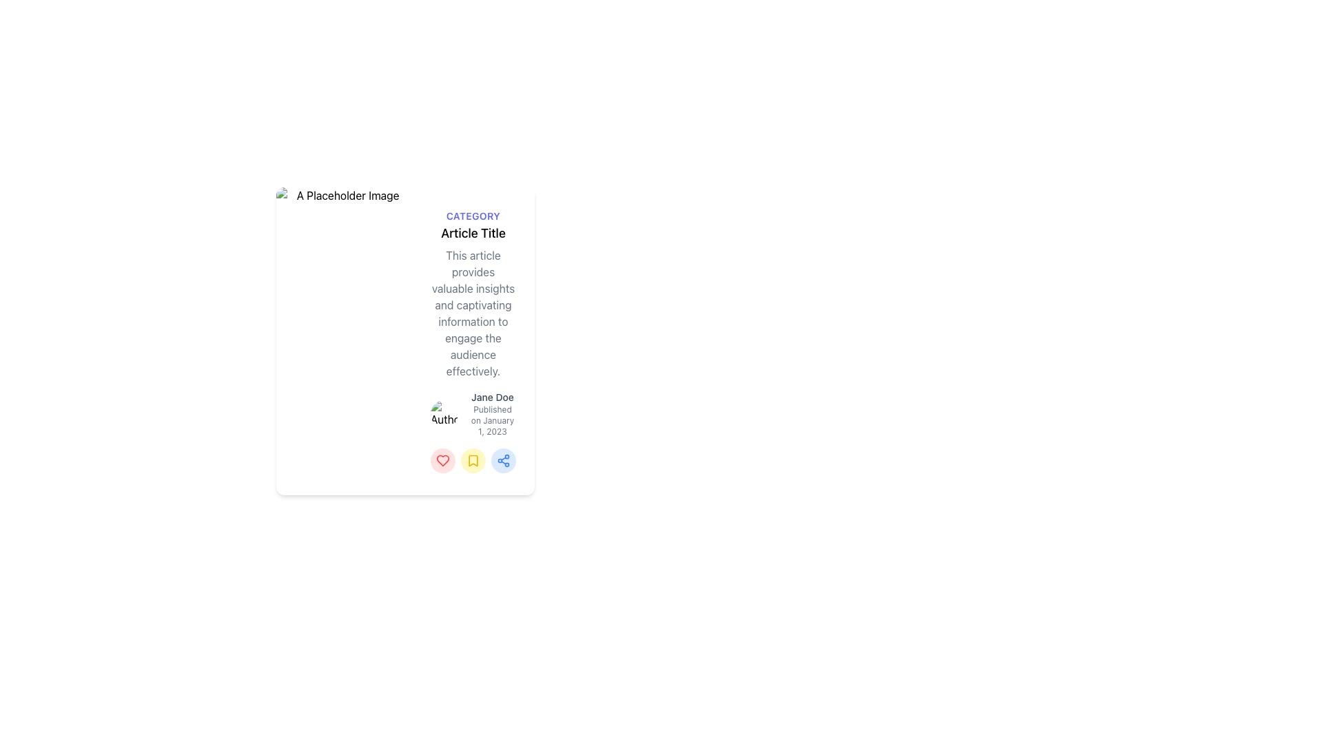  What do you see at coordinates (473, 216) in the screenshot?
I see `the Text Label that serves as a decorative label or category tag for the associated content, positioned above the title 'Article Title' in the structured card` at bounding box center [473, 216].